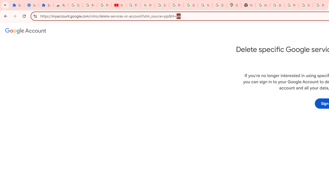  I want to click on 'Extensions', so click(17, 5).